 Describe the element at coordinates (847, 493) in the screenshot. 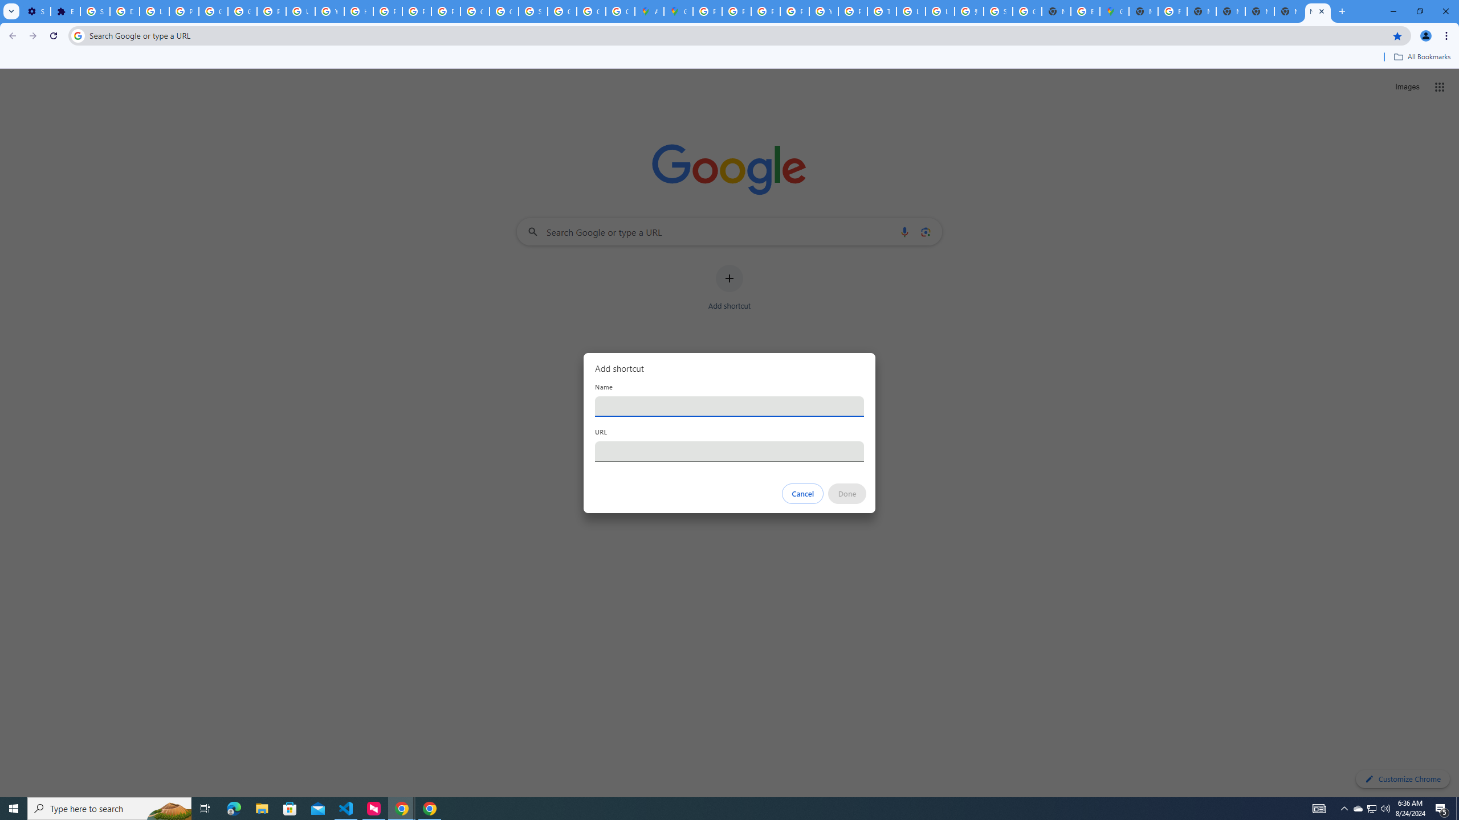

I see `'Done'` at that location.